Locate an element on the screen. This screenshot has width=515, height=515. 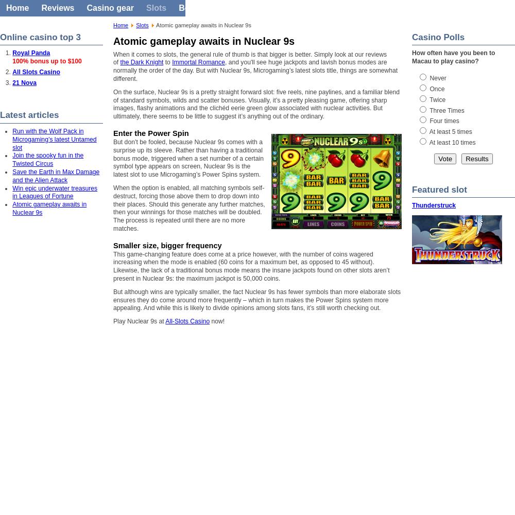
'All Slots Casino' is located at coordinates (36, 72).